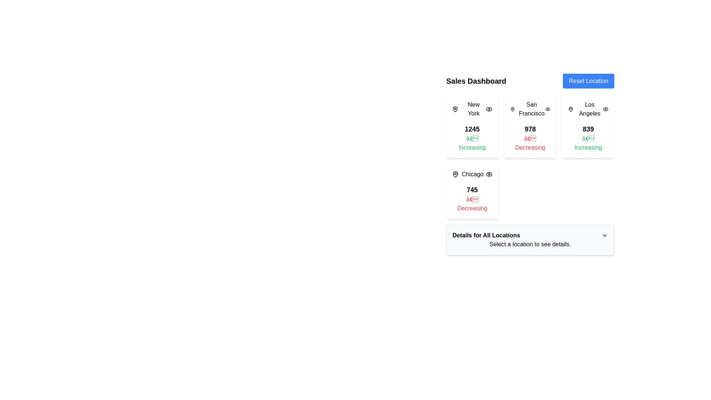 This screenshot has width=711, height=400. What do you see at coordinates (489, 174) in the screenshot?
I see `the small eye-shaped icon with a black outline, located at the rightmost edge of the content area in the 'Chicago' section` at bounding box center [489, 174].